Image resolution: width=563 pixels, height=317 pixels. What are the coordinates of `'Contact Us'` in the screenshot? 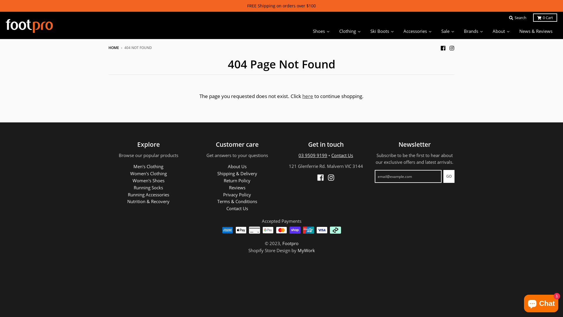 It's located at (342, 155).